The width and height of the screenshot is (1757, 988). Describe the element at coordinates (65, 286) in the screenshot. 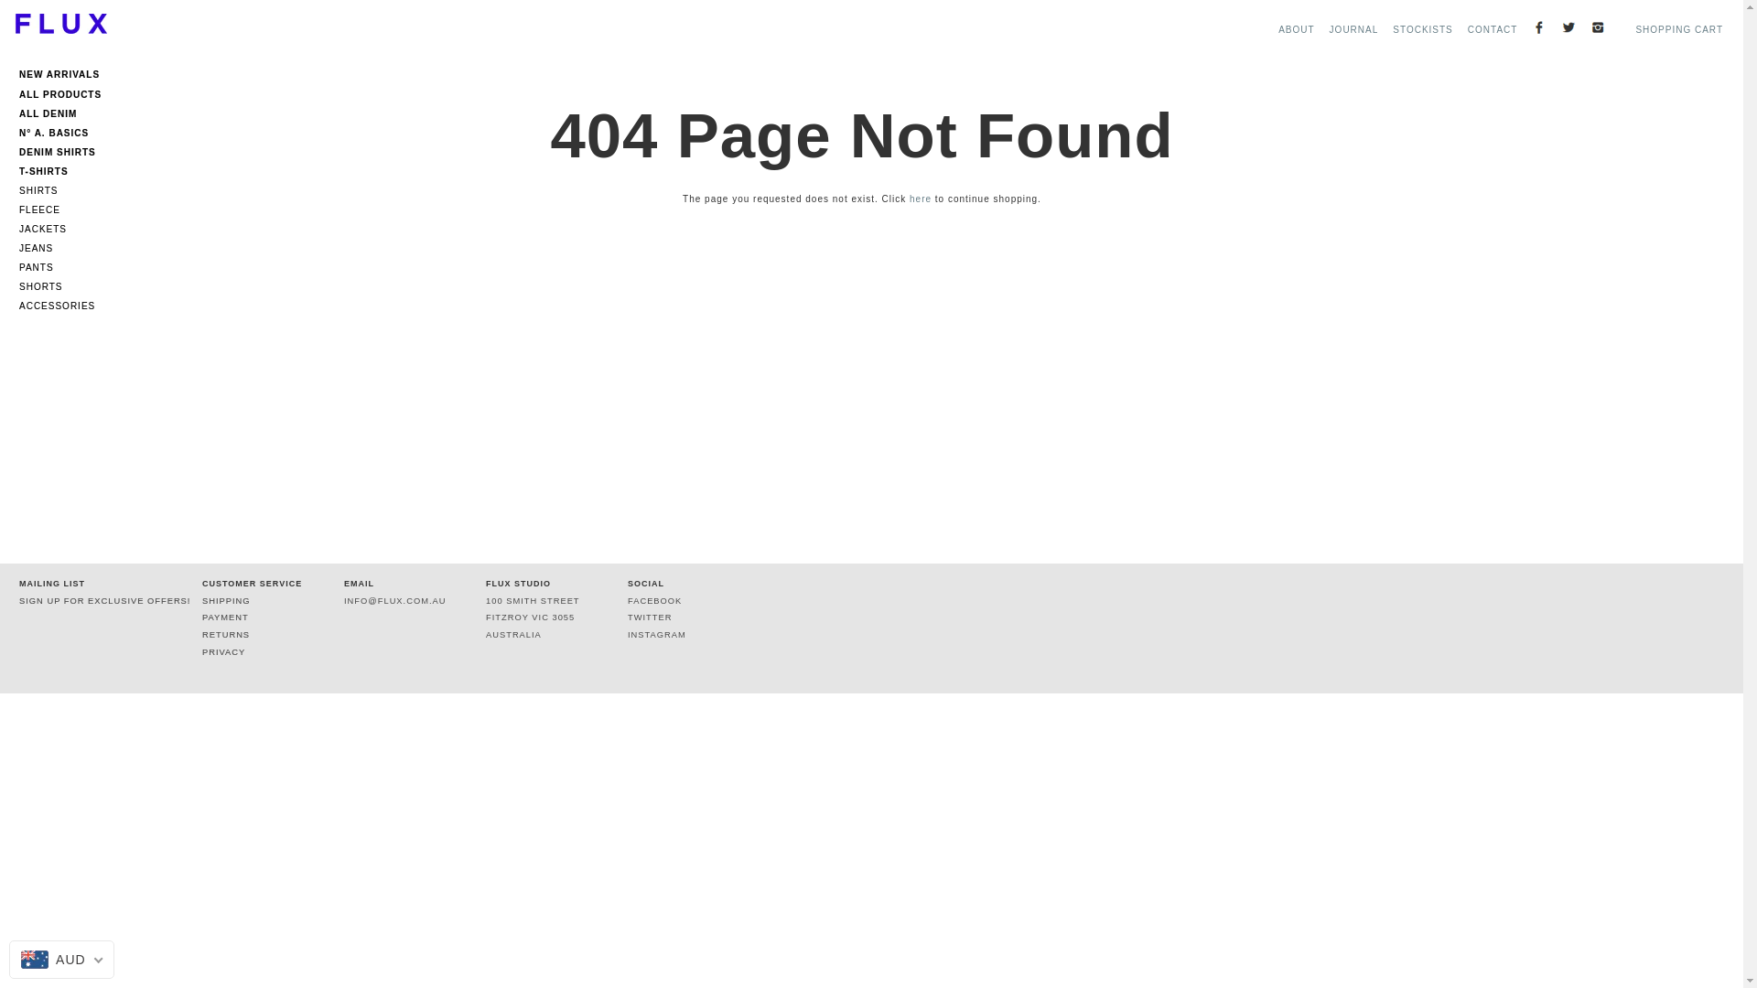

I see `'SHORTS'` at that location.